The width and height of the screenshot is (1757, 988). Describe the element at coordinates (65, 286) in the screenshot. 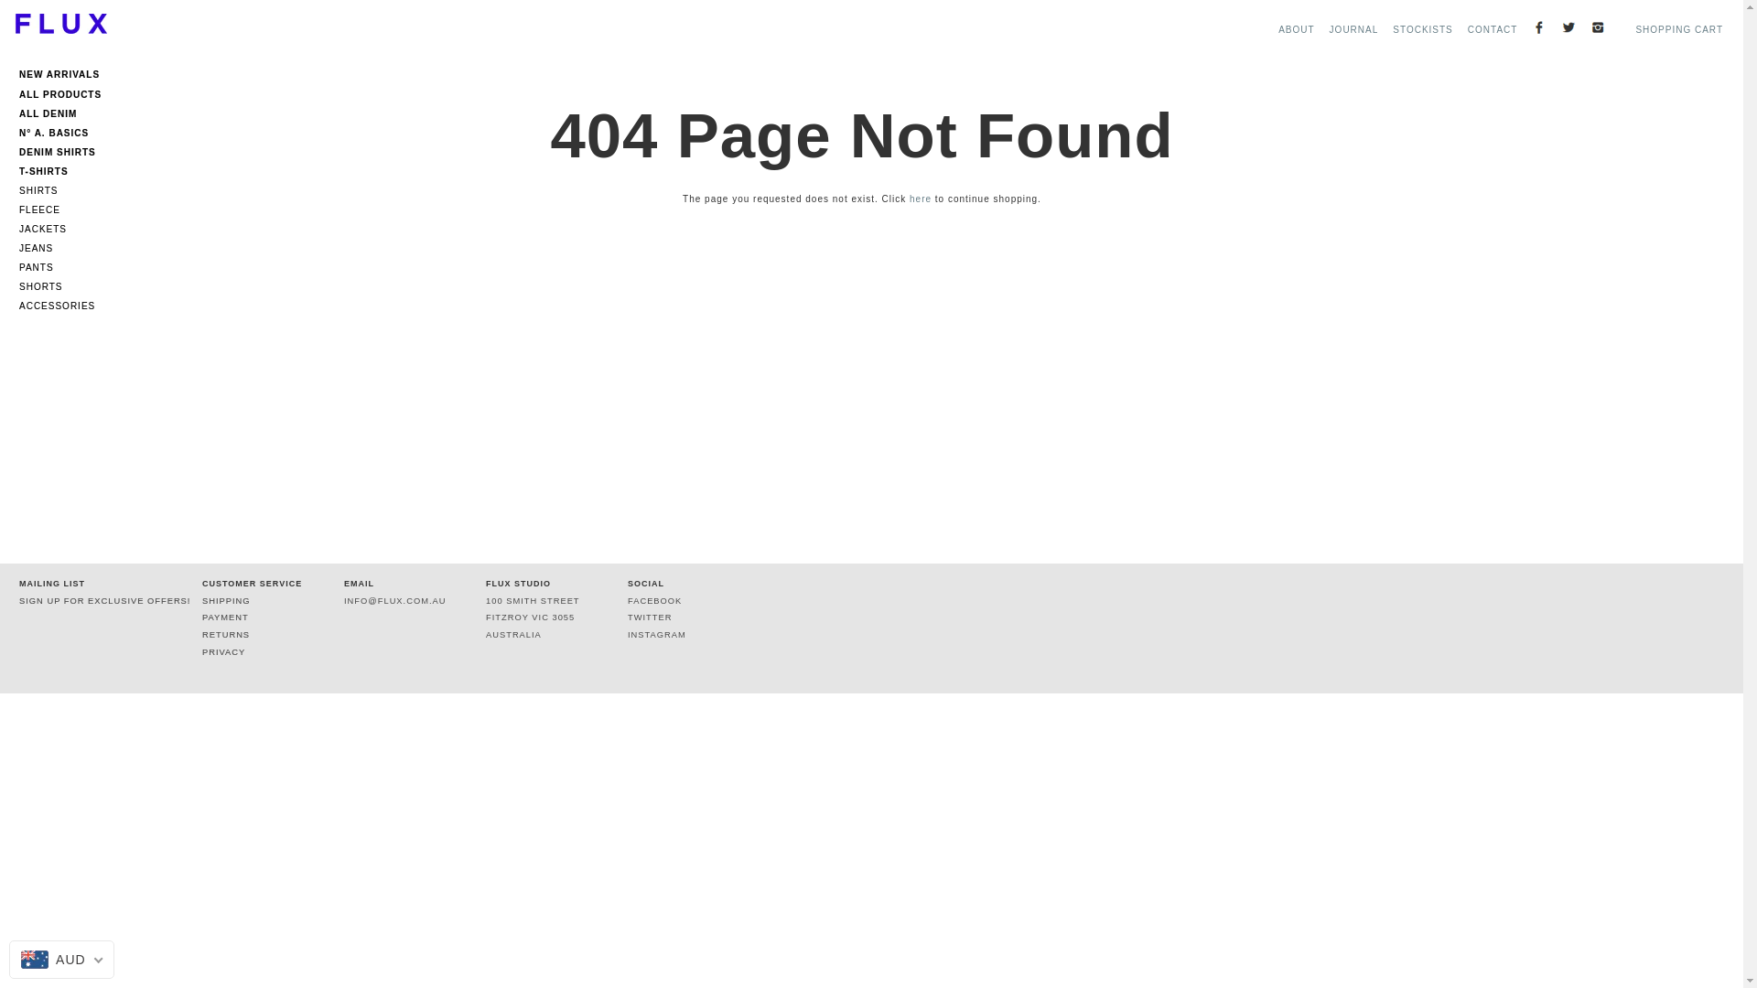

I see `'SHORTS'` at that location.